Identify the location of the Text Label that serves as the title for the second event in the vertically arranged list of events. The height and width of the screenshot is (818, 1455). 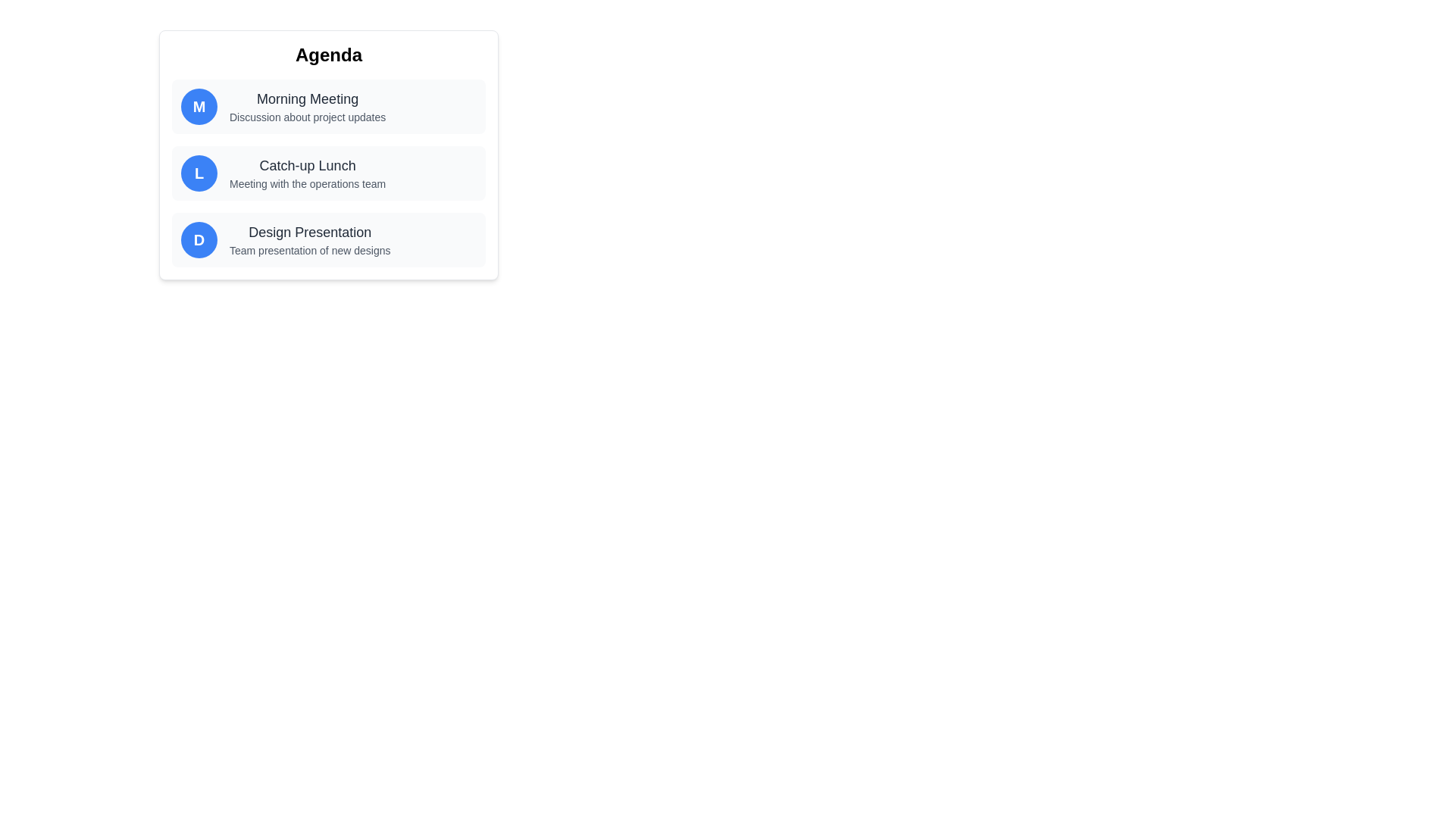
(307, 166).